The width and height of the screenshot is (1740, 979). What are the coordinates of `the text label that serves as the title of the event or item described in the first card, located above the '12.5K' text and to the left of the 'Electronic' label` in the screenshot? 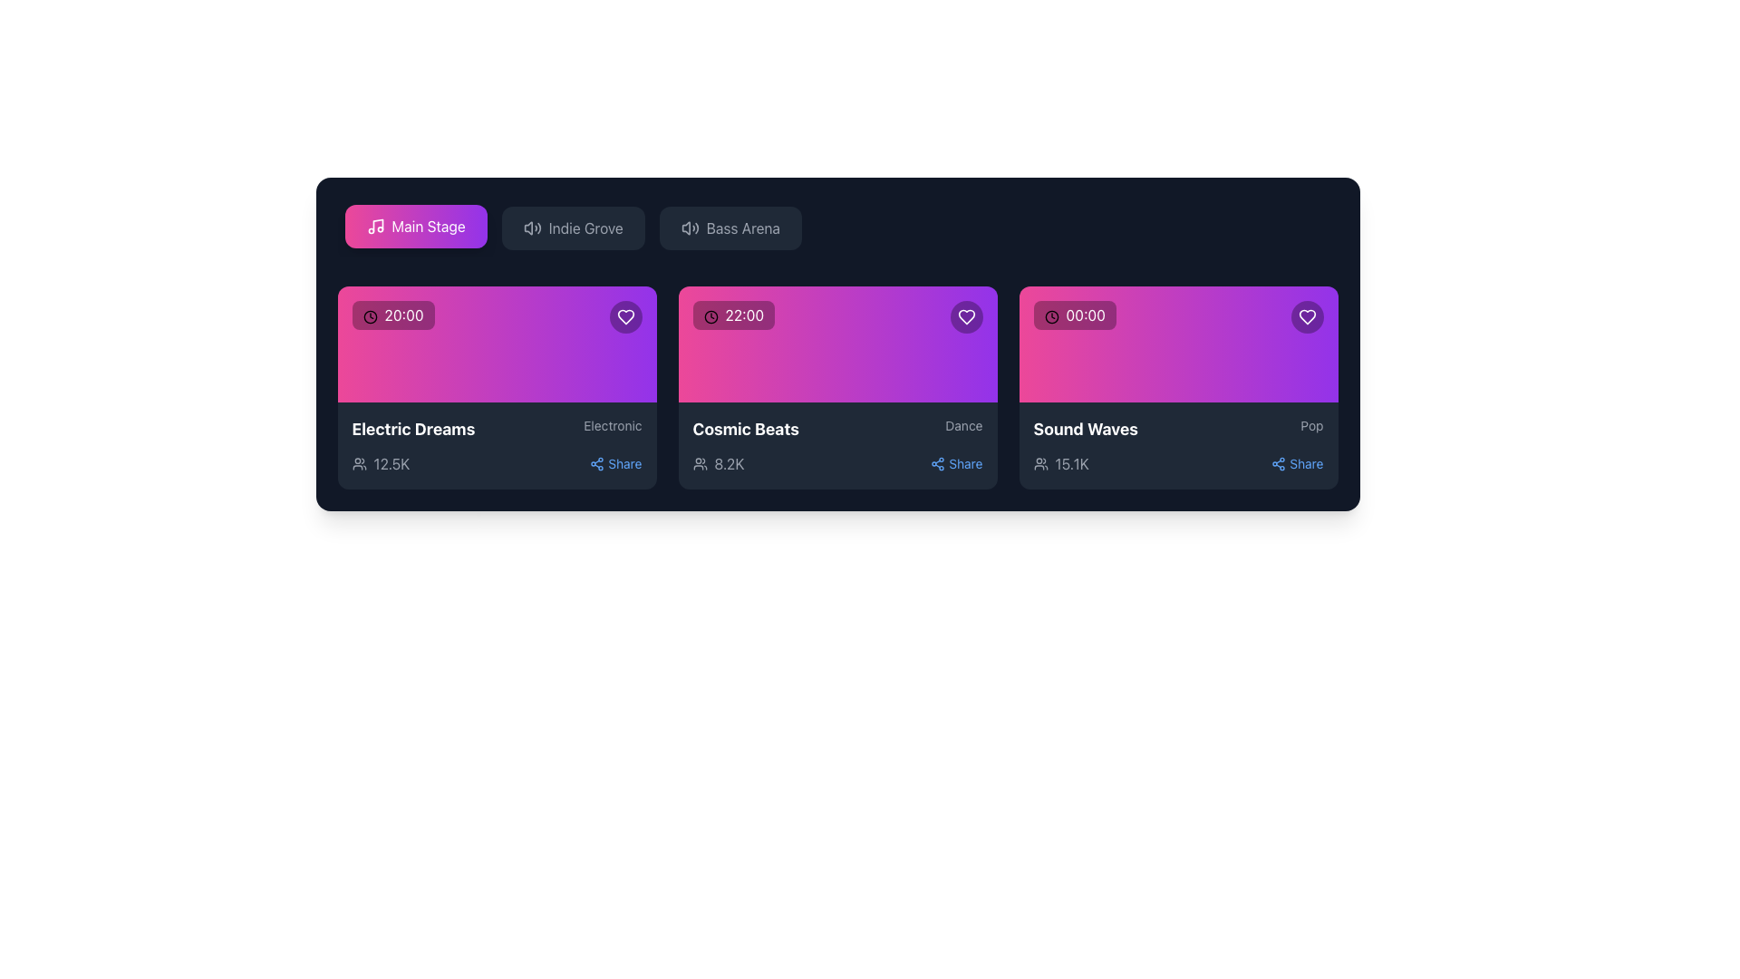 It's located at (412, 430).